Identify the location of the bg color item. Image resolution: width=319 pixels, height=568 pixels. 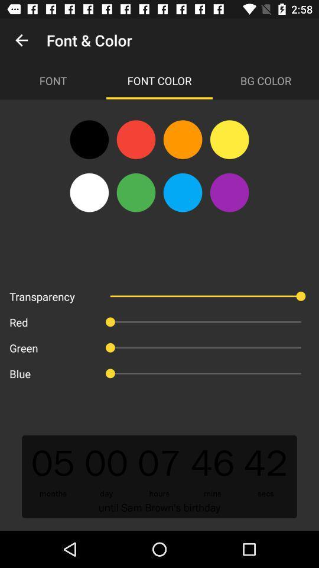
(265, 80).